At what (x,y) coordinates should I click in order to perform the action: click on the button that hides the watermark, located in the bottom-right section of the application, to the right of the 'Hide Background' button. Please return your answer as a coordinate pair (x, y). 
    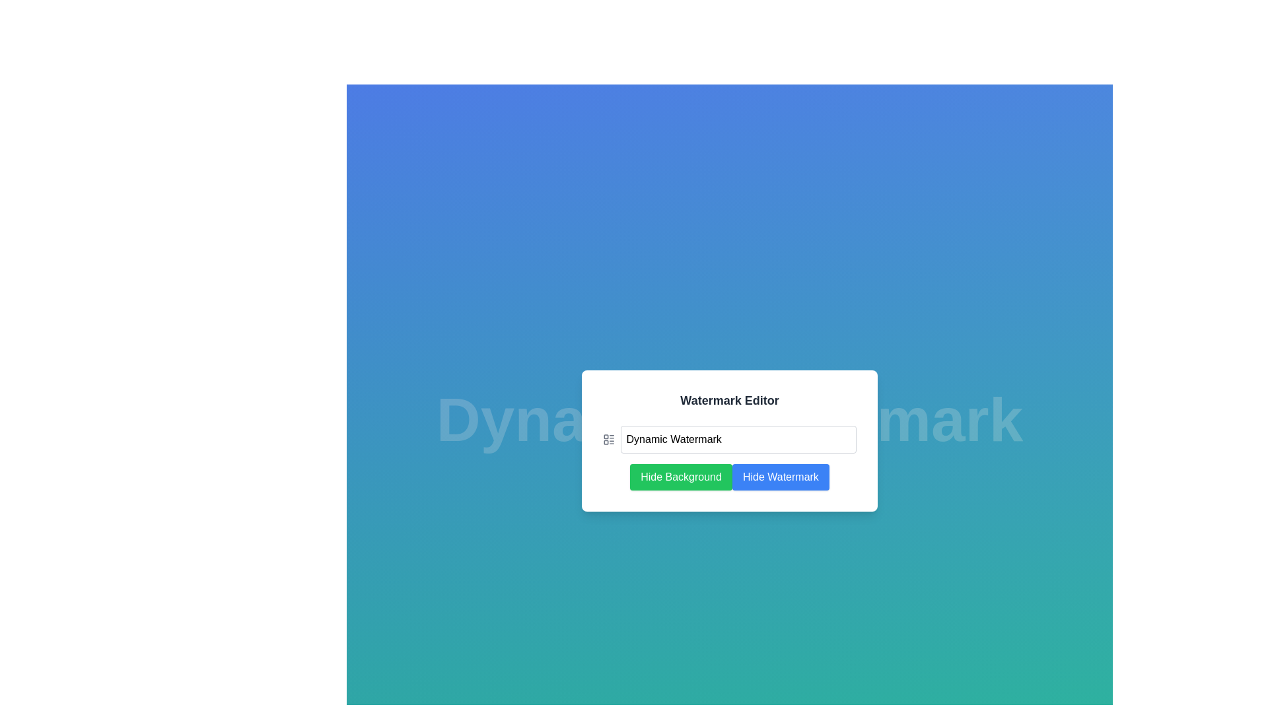
    Looking at the image, I should click on (781, 477).